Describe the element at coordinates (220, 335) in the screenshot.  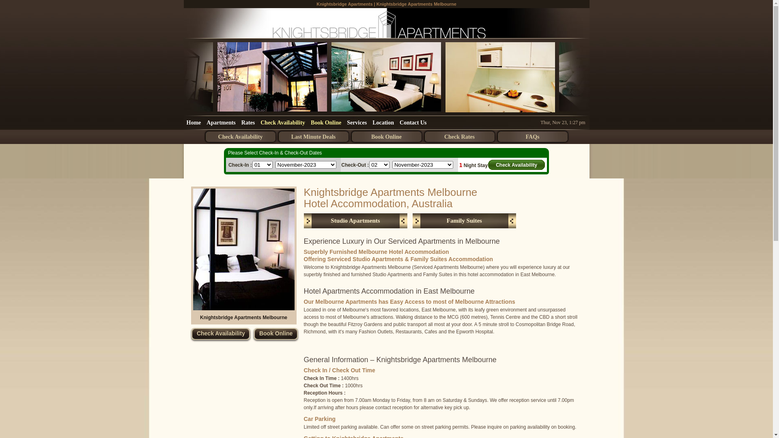
I see `'Check Availability'` at that location.